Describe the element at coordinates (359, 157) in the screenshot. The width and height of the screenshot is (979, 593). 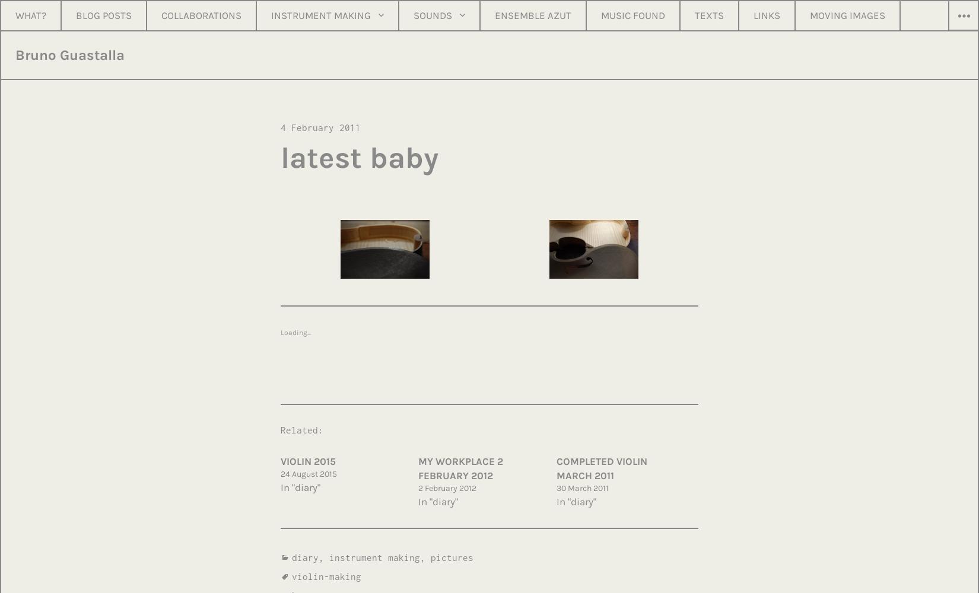
I see `'latest baby'` at that location.